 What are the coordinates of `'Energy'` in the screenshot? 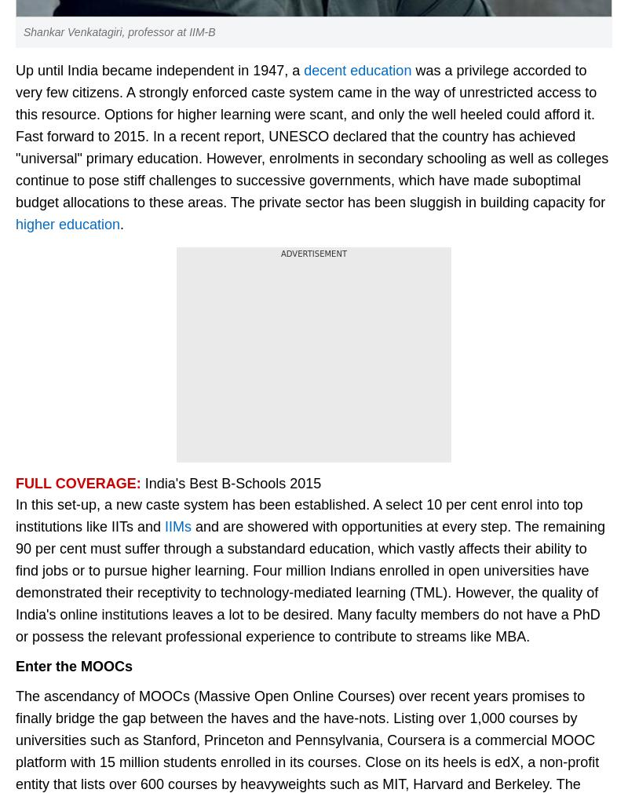 It's located at (324, 614).